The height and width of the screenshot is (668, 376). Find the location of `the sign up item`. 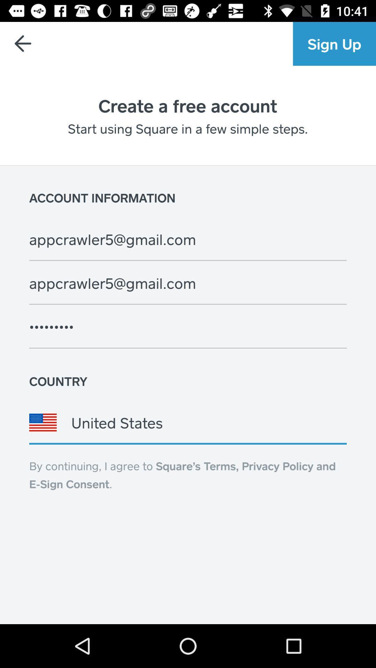

the sign up item is located at coordinates (334, 43).